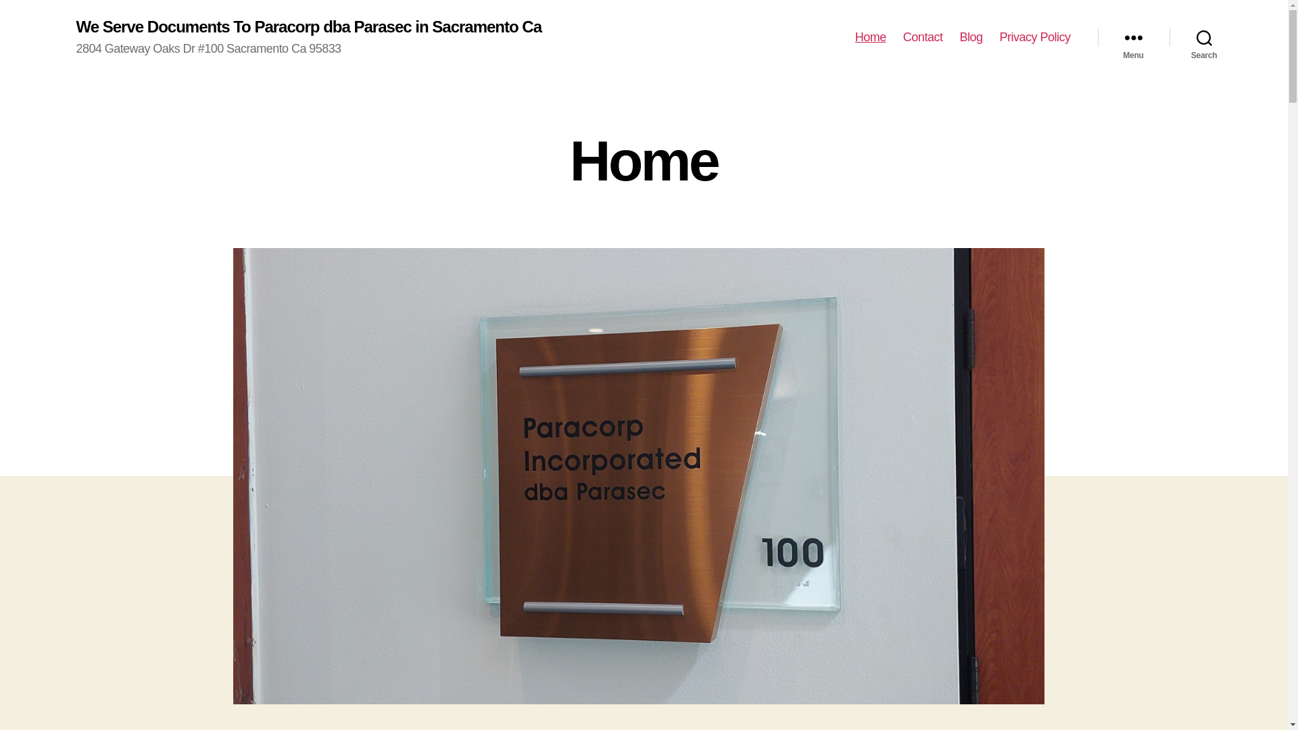 The height and width of the screenshot is (730, 1298). What do you see at coordinates (308, 26) in the screenshot?
I see `'We Serve Documents To Paracorp dba Parasec in Sacramento Ca'` at bounding box center [308, 26].